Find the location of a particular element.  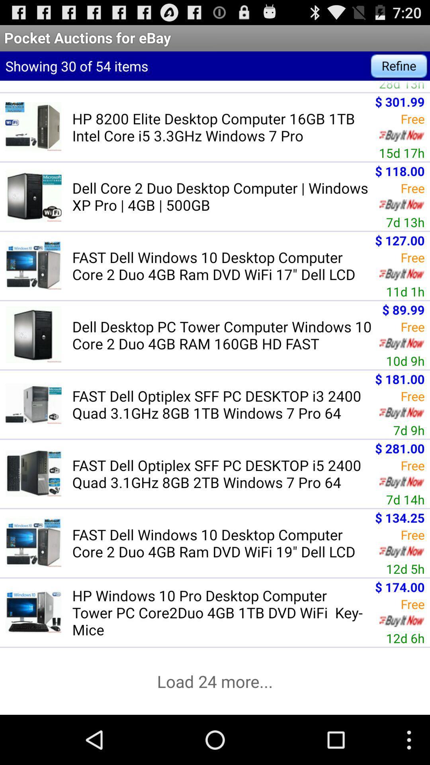

the icon below 7d 14h is located at coordinates (400, 518).